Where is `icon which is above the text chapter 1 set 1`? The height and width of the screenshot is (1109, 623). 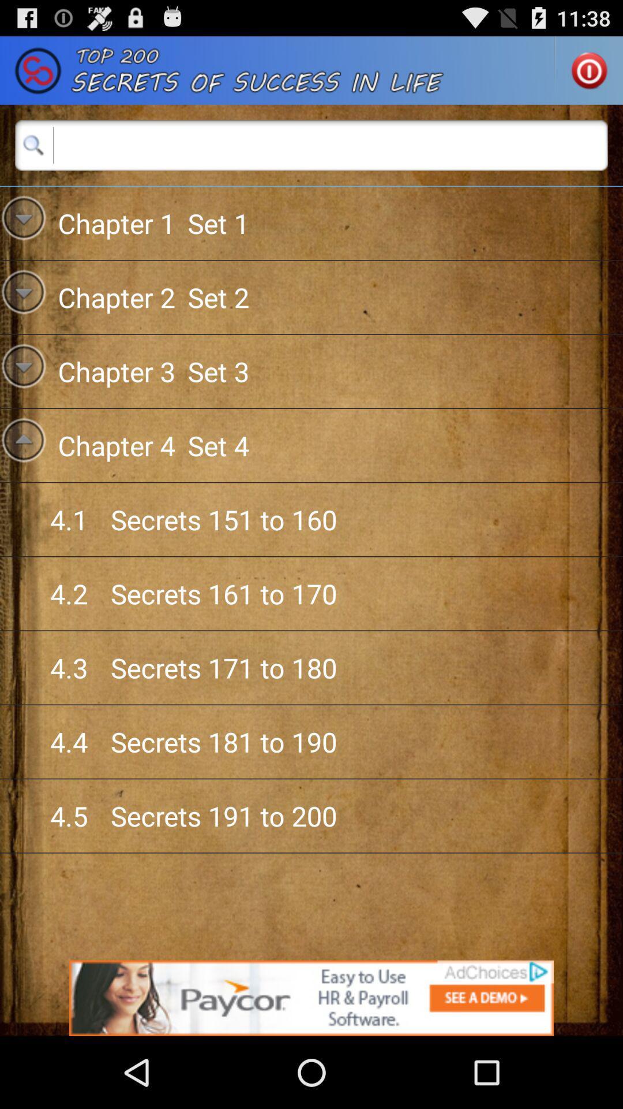 icon which is above the text chapter 1 set 1 is located at coordinates (33, 144).